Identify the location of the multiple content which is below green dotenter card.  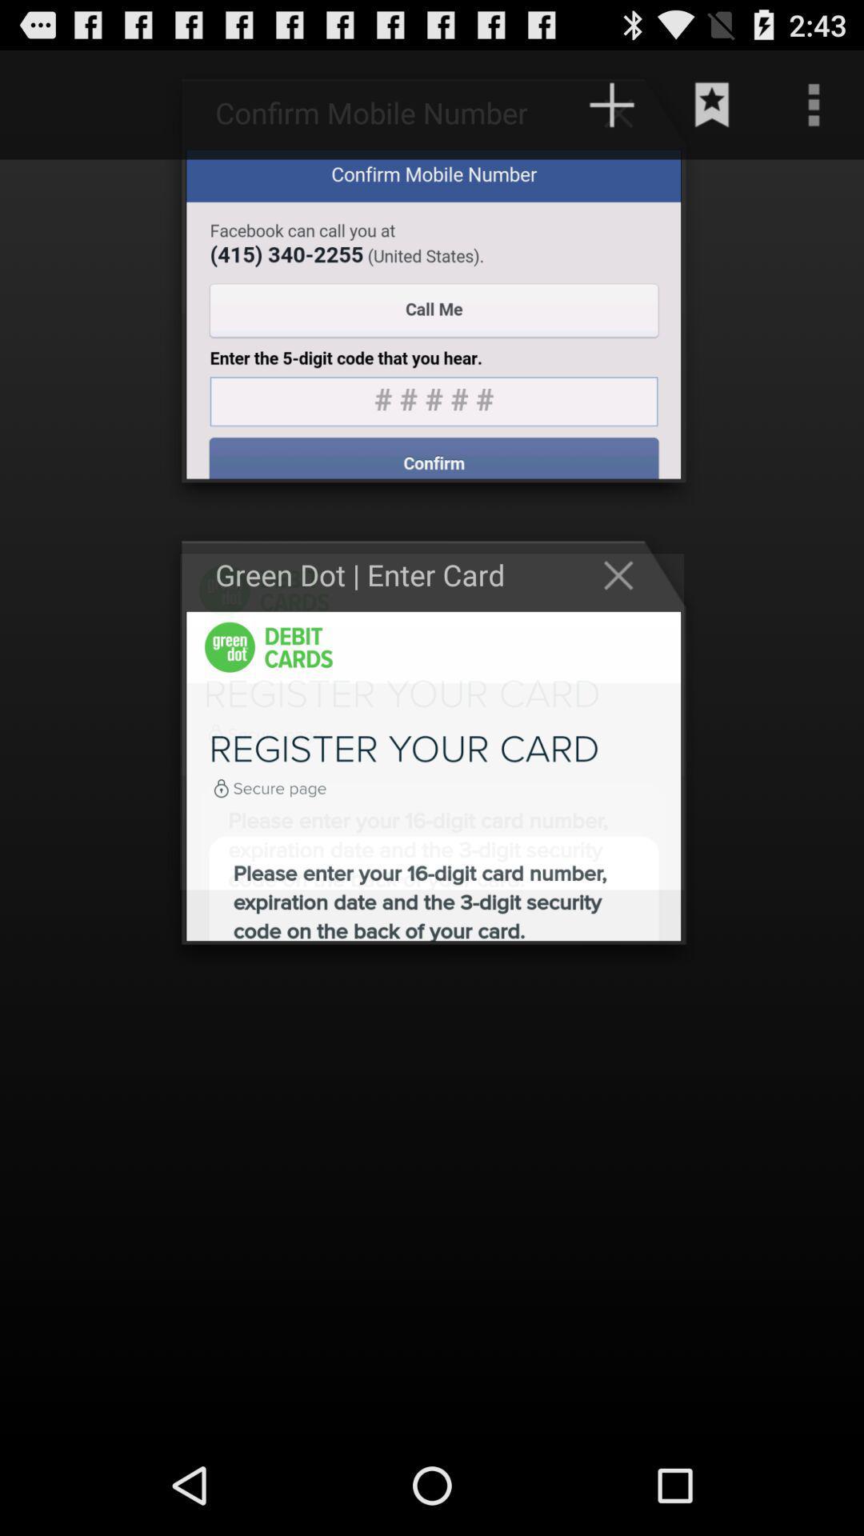
(434, 776).